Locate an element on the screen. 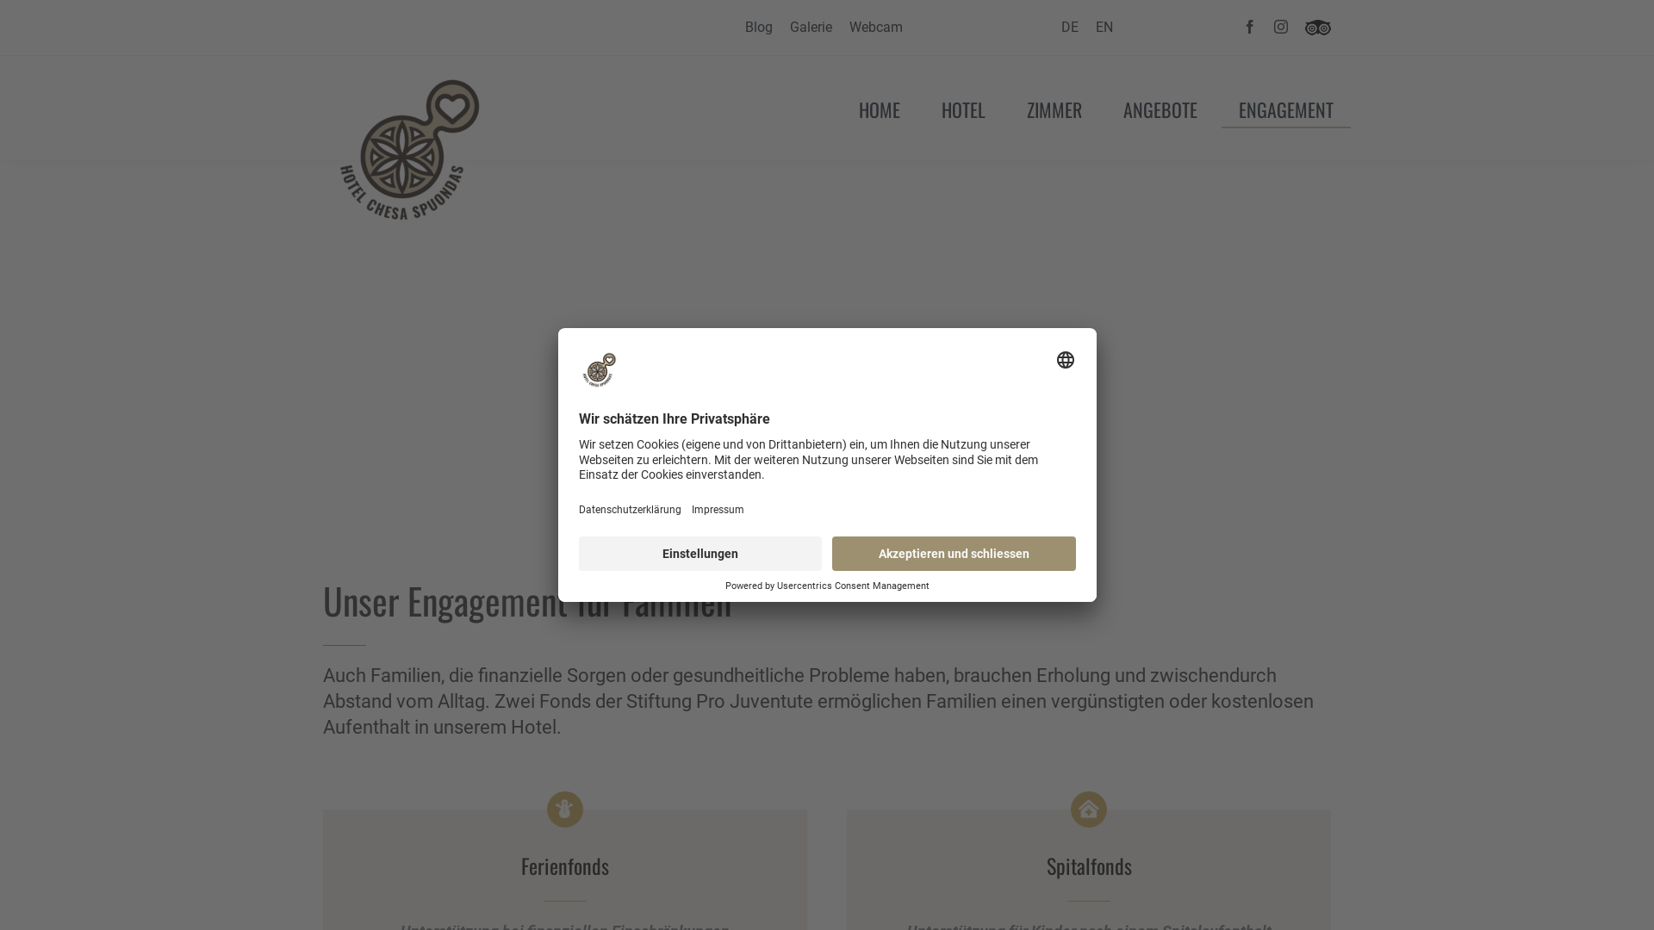 The height and width of the screenshot is (930, 1654). 'HOTEL' is located at coordinates (962, 108).